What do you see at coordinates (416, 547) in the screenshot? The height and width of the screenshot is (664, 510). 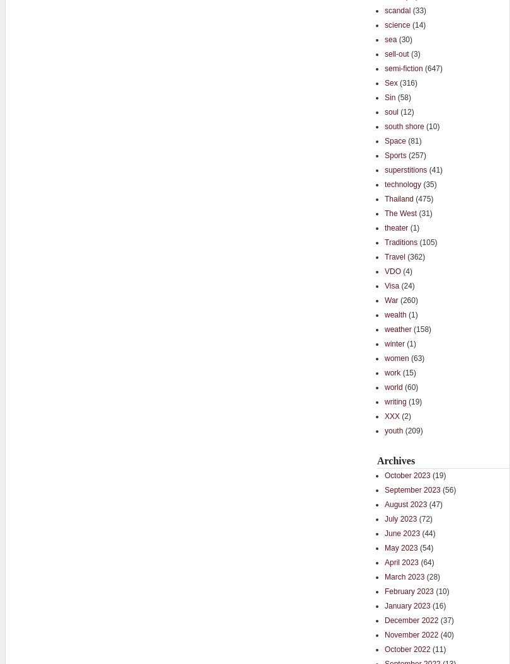 I see `'(54)'` at bounding box center [416, 547].